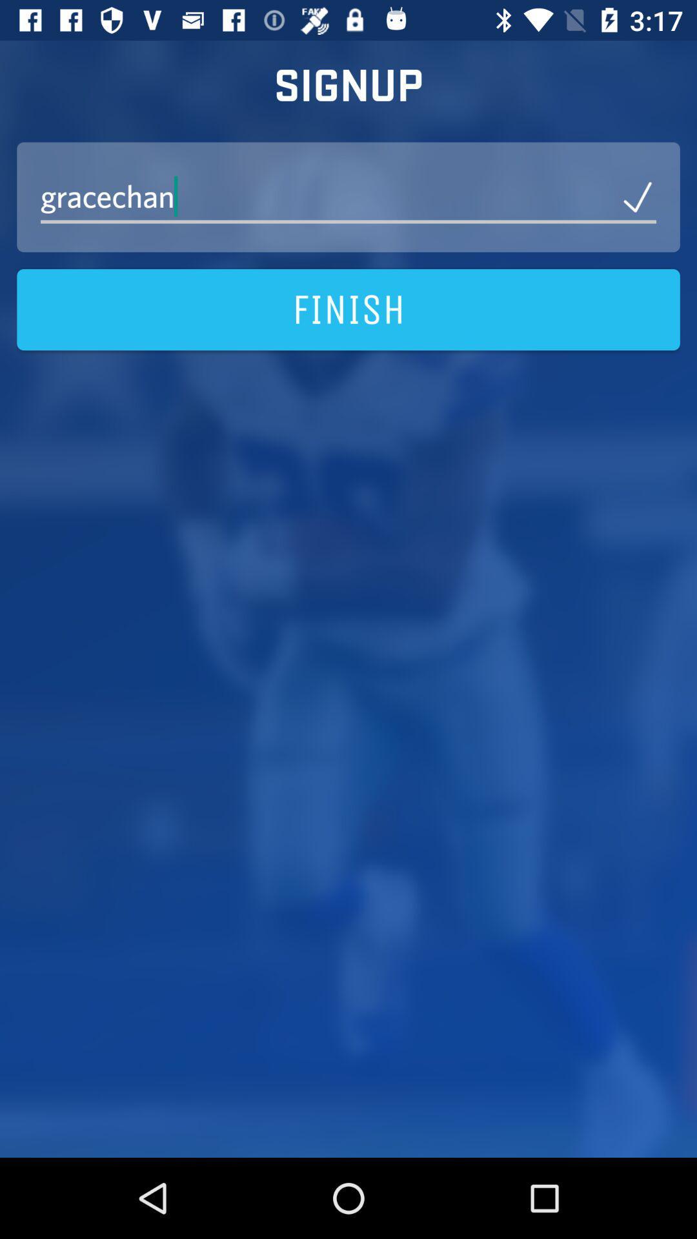 This screenshot has height=1239, width=697. Describe the element at coordinates (348, 196) in the screenshot. I see `the icon above the finish icon` at that location.